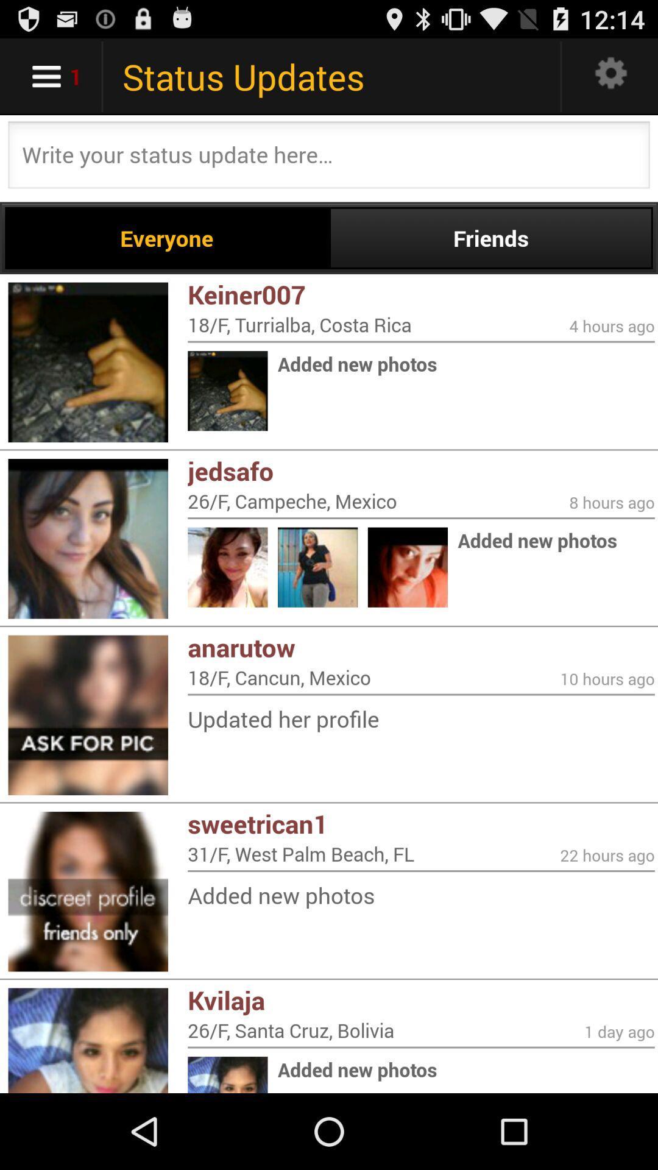  I want to click on app above keiner007 icon, so click(167, 238).